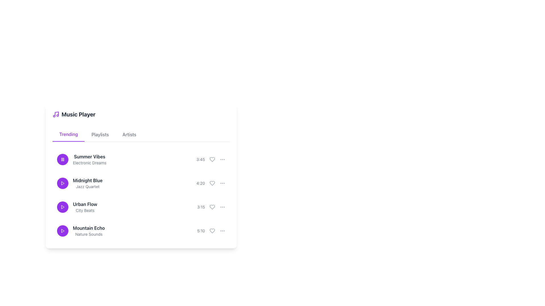 Image resolution: width=545 pixels, height=306 pixels. I want to click on the circular purple button with a white triangular 'play' icon located next to the text 'Mountain Echo' and 'Nature Sounds', so click(62, 231).